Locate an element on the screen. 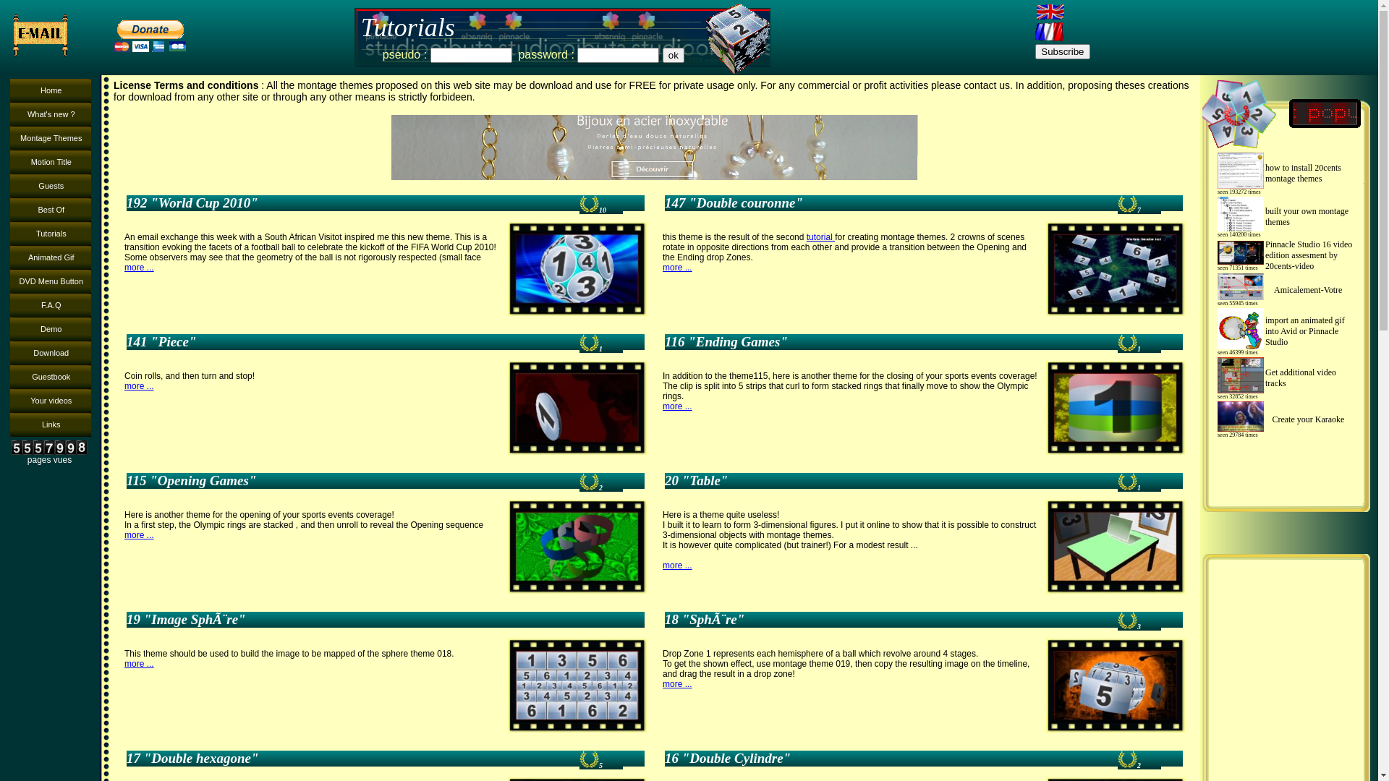 The image size is (1389, 781). 'theme  - 20 Table' is located at coordinates (1114, 547).